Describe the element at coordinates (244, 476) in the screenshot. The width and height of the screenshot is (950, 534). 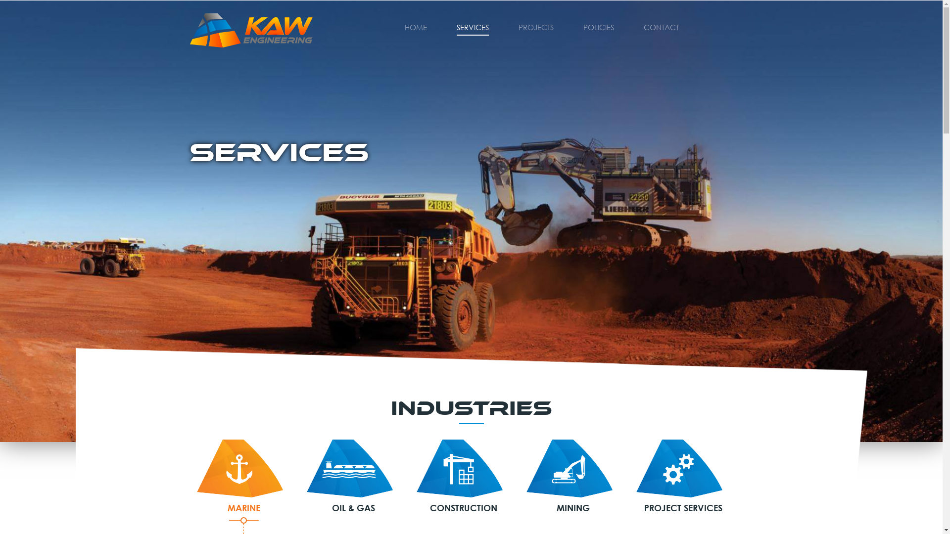
I see `'MARINE'` at that location.